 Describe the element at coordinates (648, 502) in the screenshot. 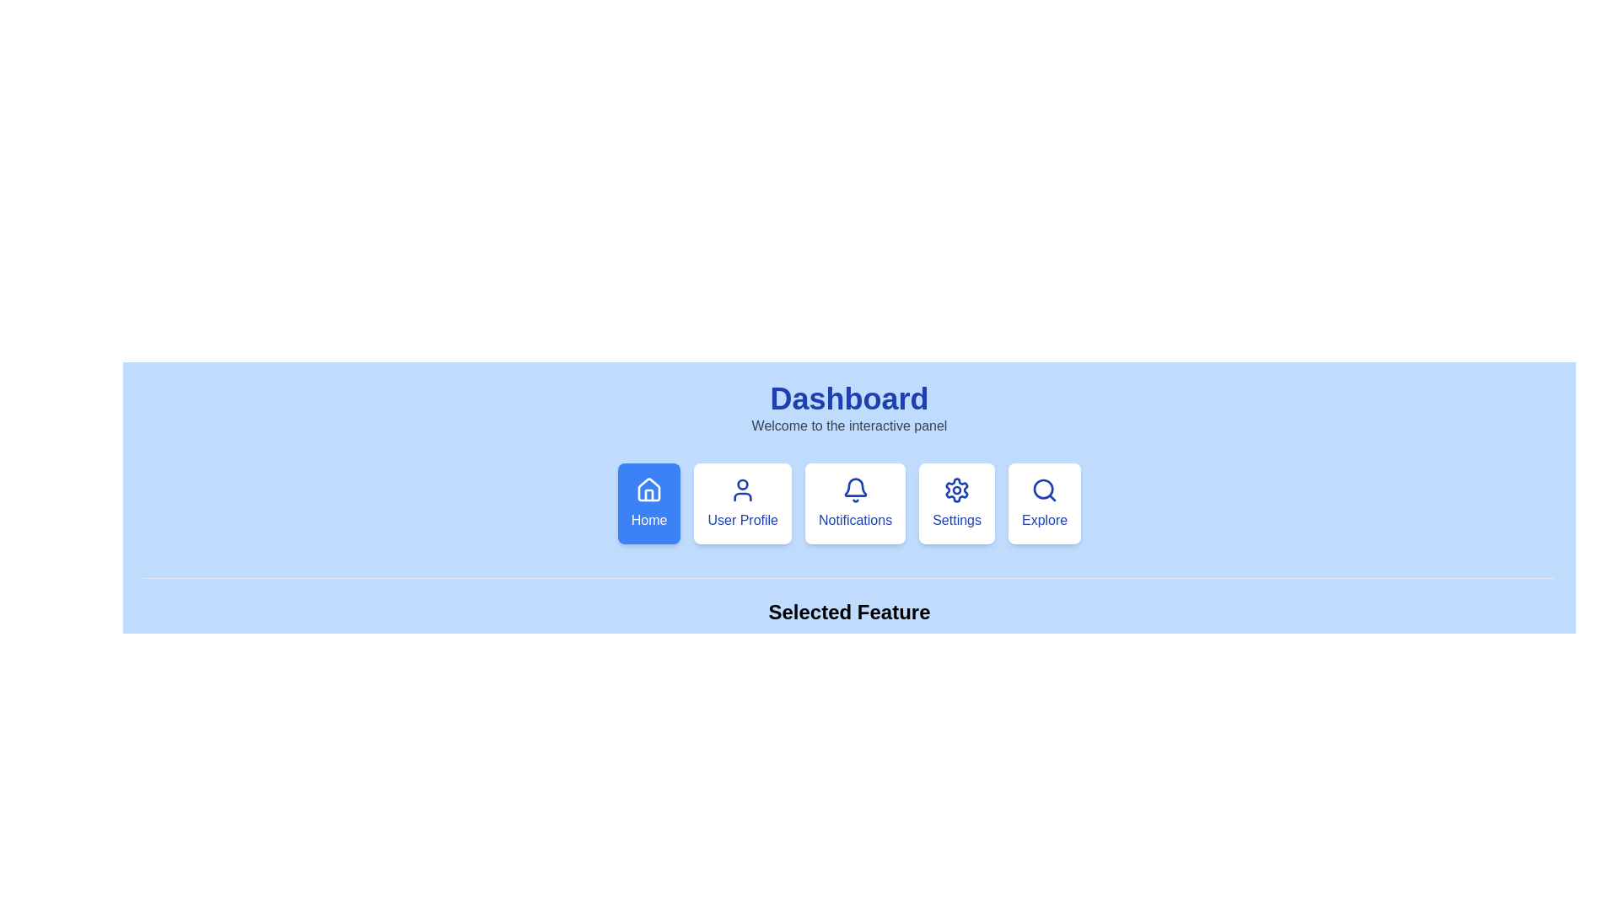

I see `the 'Home' button, which is a rectangular button with rounded corners, a blue background, and a white outline of a house icon above the text 'Home'. This button is located at the leftmost side of a horizontally aligned menu` at that location.